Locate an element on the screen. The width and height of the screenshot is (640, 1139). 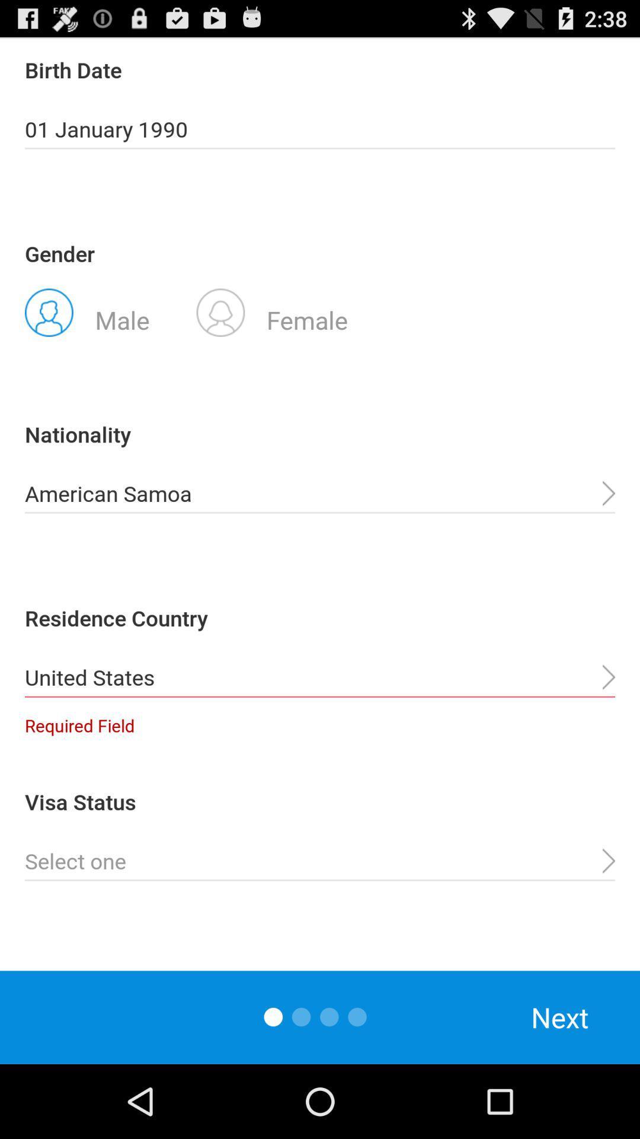
the app above nationality item is located at coordinates (87, 311).